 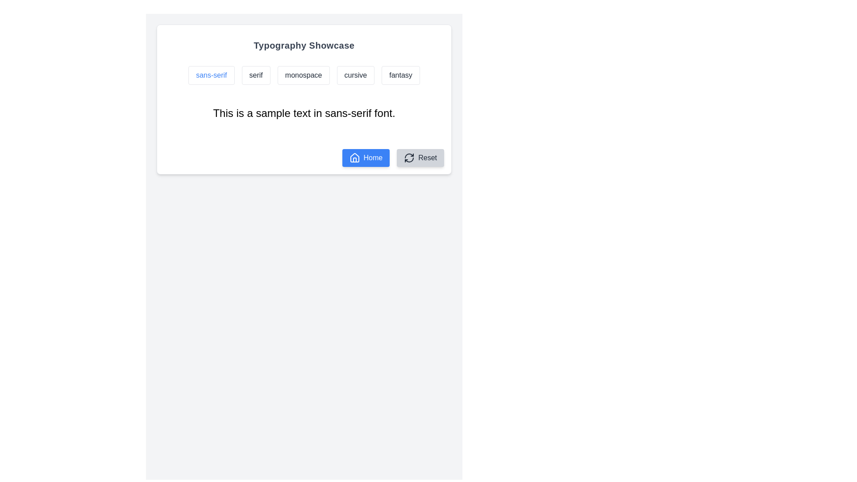 What do you see at coordinates (211, 75) in the screenshot?
I see `the leftmost button labeled 'sans-serif' in the horizontal group of font selection buttons under the title 'Typography Showcase'` at bounding box center [211, 75].